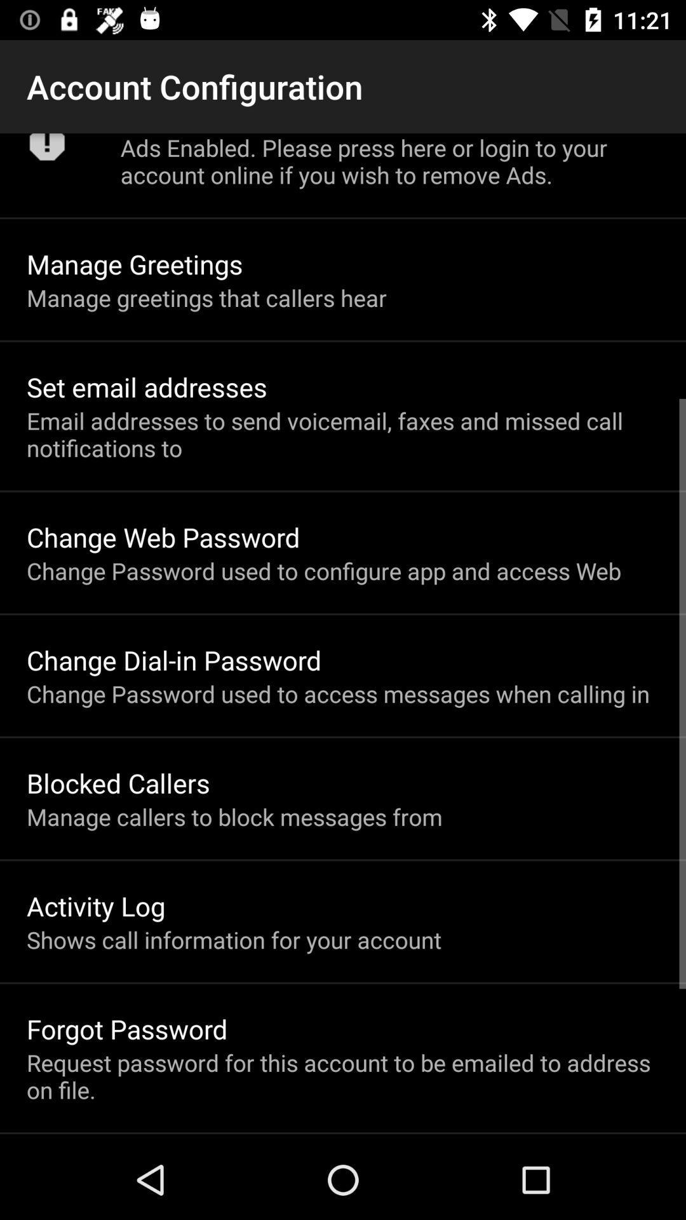  What do you see at coordinates (343, 1075) in the screenshot?
I see `the item below forgot password` at bounding box center [343, 1075].